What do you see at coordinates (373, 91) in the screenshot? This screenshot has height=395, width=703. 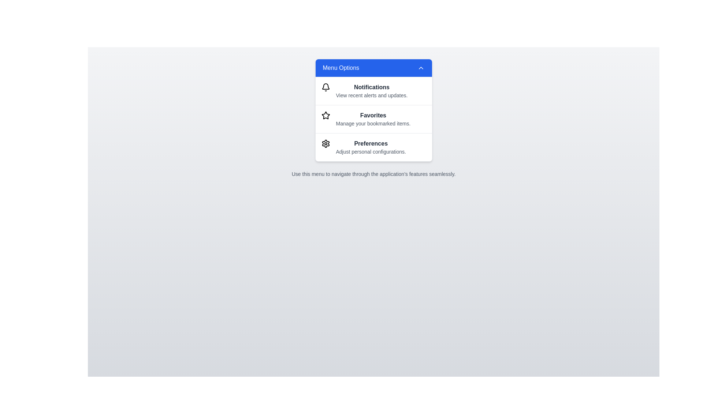 I see `the menu option Notifications from the VibrantInteractiveMenu` at bounding box center [373, 91].